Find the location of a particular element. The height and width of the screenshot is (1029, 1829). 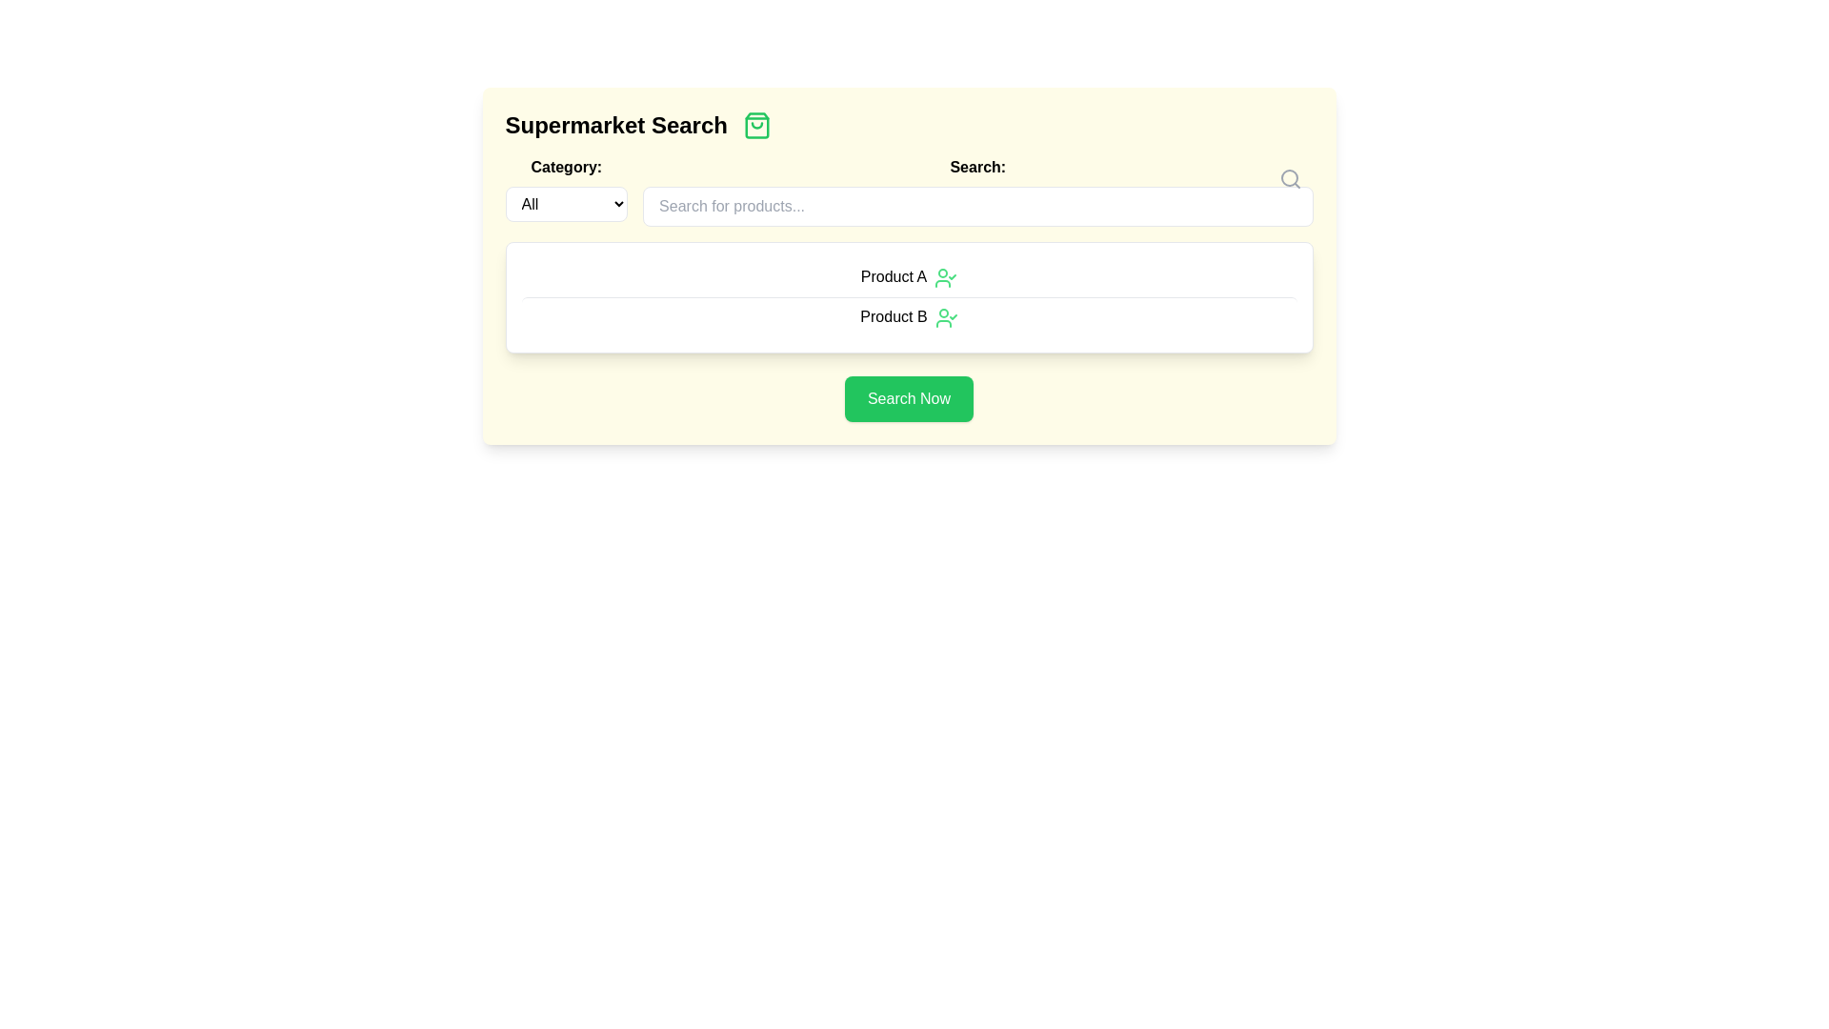

the user-associated confirmation icon located to the right of 'Product B' in the second list item of the vertical list is located at coordinates (946, 316).